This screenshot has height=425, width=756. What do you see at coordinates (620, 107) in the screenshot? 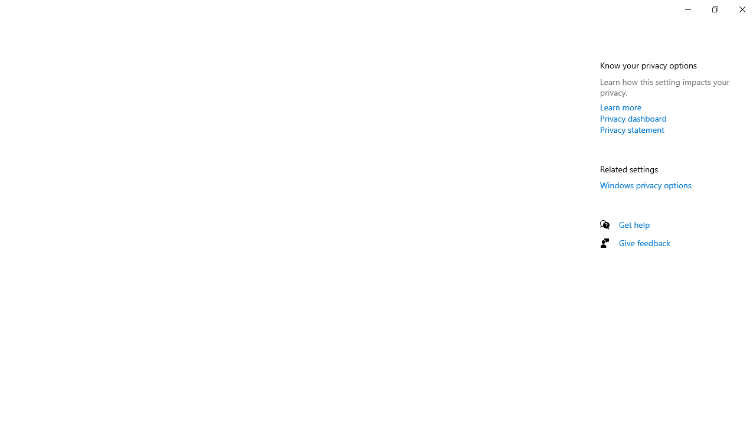
I see `'Learn more'` at bounding box center [620, 107].